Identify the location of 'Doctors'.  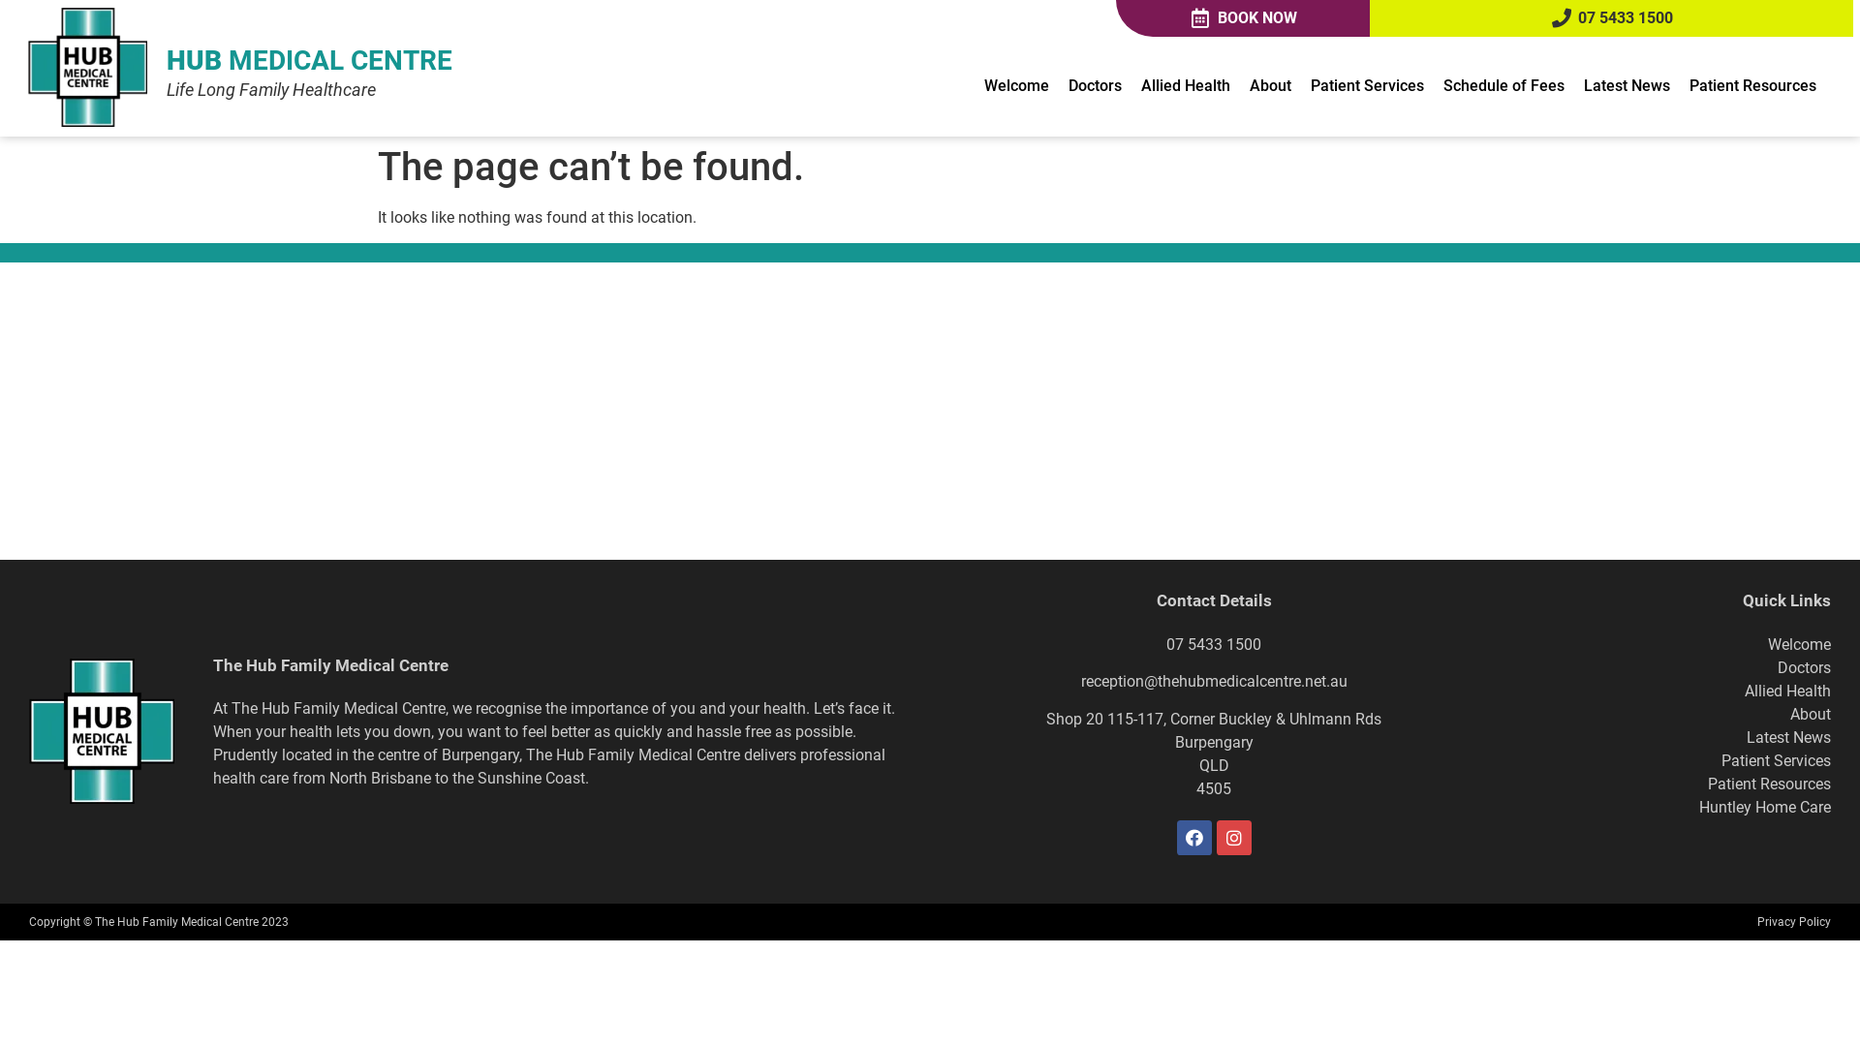
(1803, 666).